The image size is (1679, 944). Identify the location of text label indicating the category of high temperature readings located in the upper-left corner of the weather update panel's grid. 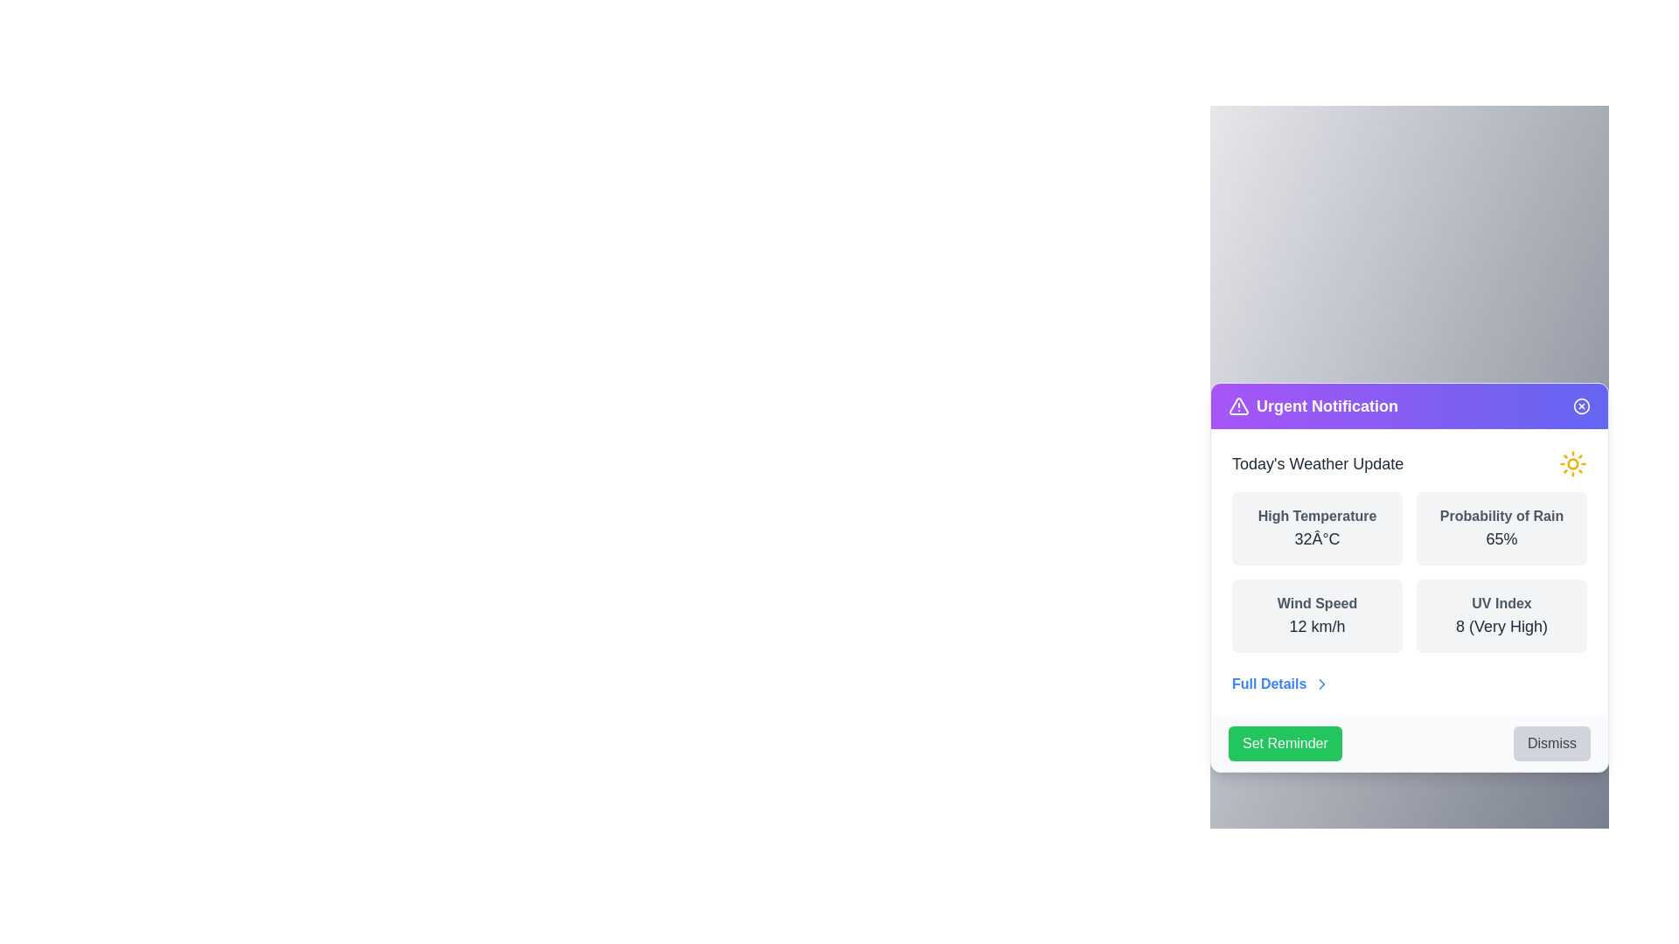
(1317, 515).